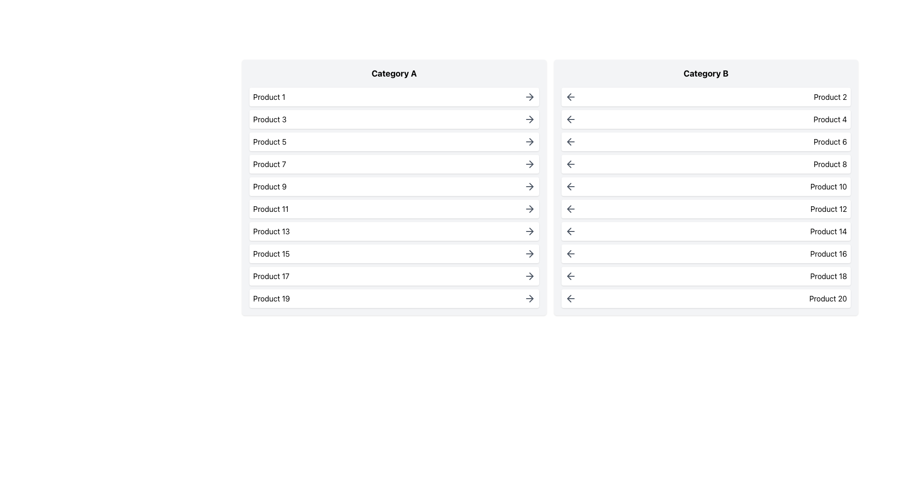 Image resolution: width=897 pixels, height=504 pixels. What do you see at coordinates (570, 275) in the screenshot?
I see `the left arrow icon button located next to the product name 'Product 18' in the 'Category B' section` at bounding box center [570, 275].